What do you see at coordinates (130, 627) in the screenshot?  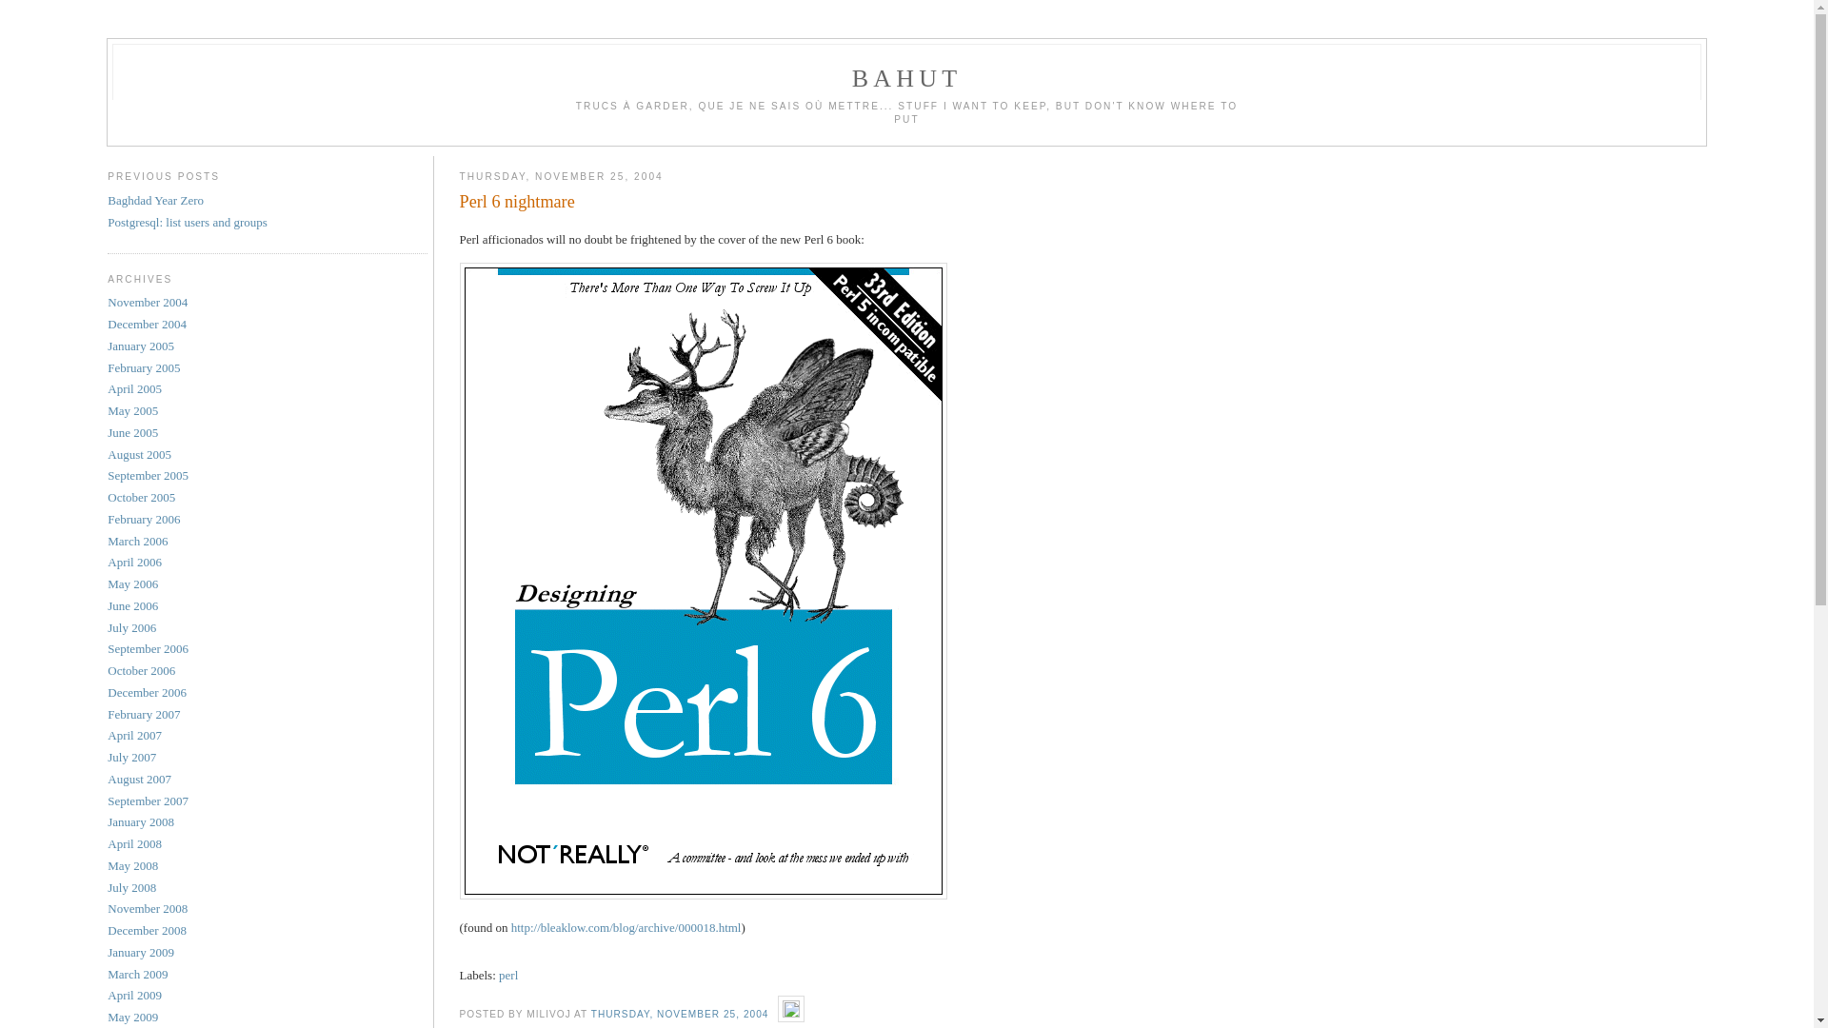 I see `'July 2006'` at bounding box center [130, 627].